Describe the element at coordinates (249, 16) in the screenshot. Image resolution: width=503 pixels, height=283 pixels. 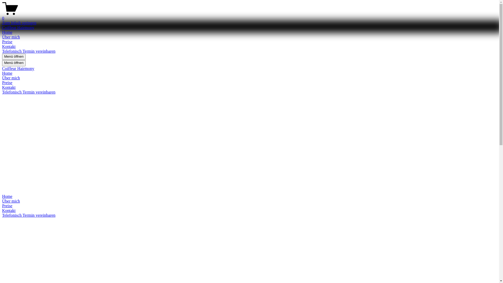
I see `'0'` at that location.